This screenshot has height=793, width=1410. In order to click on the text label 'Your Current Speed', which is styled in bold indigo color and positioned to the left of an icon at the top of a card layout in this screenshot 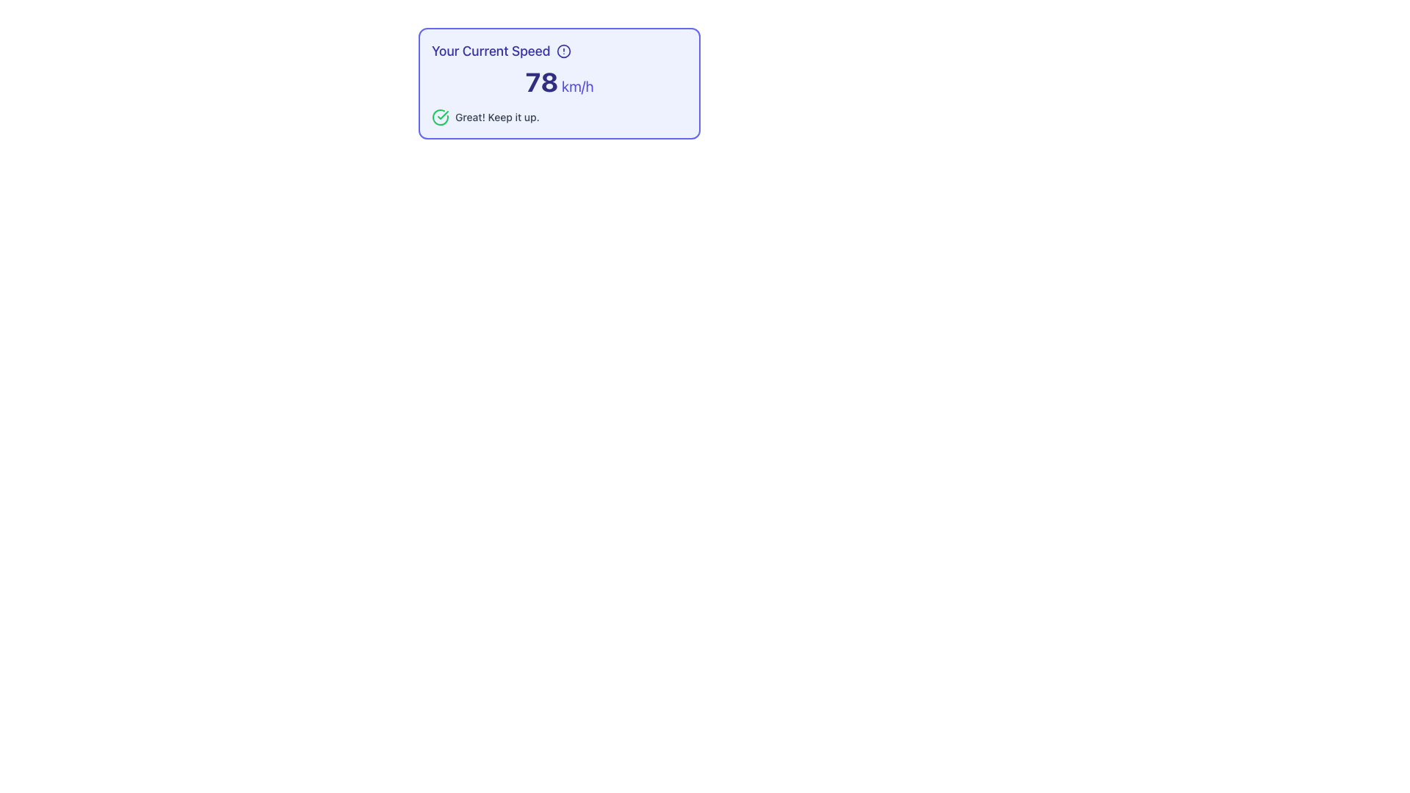, I will do `click(491, 50)`.